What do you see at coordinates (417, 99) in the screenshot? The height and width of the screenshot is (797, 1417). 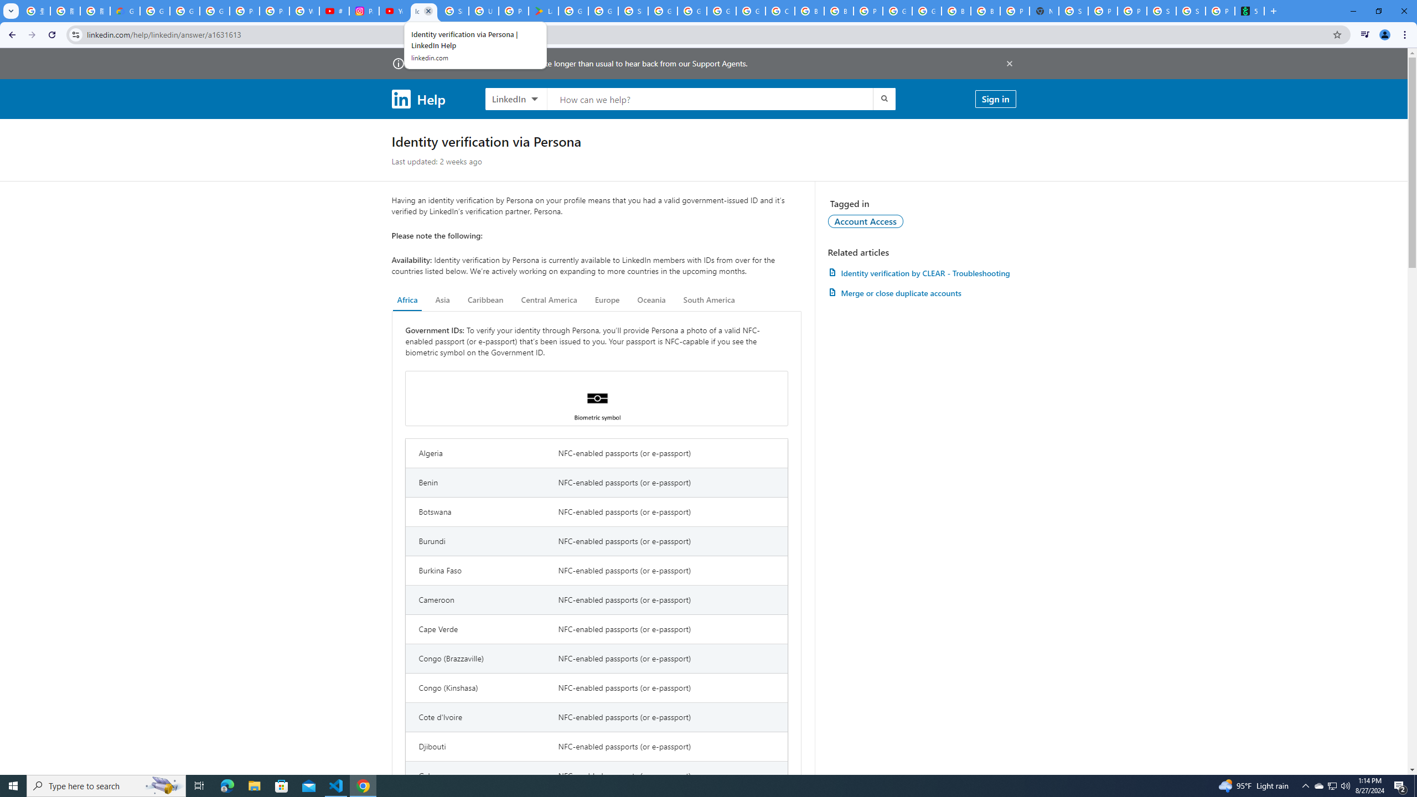 I see `'Help'` at bounding box center [417, 99].